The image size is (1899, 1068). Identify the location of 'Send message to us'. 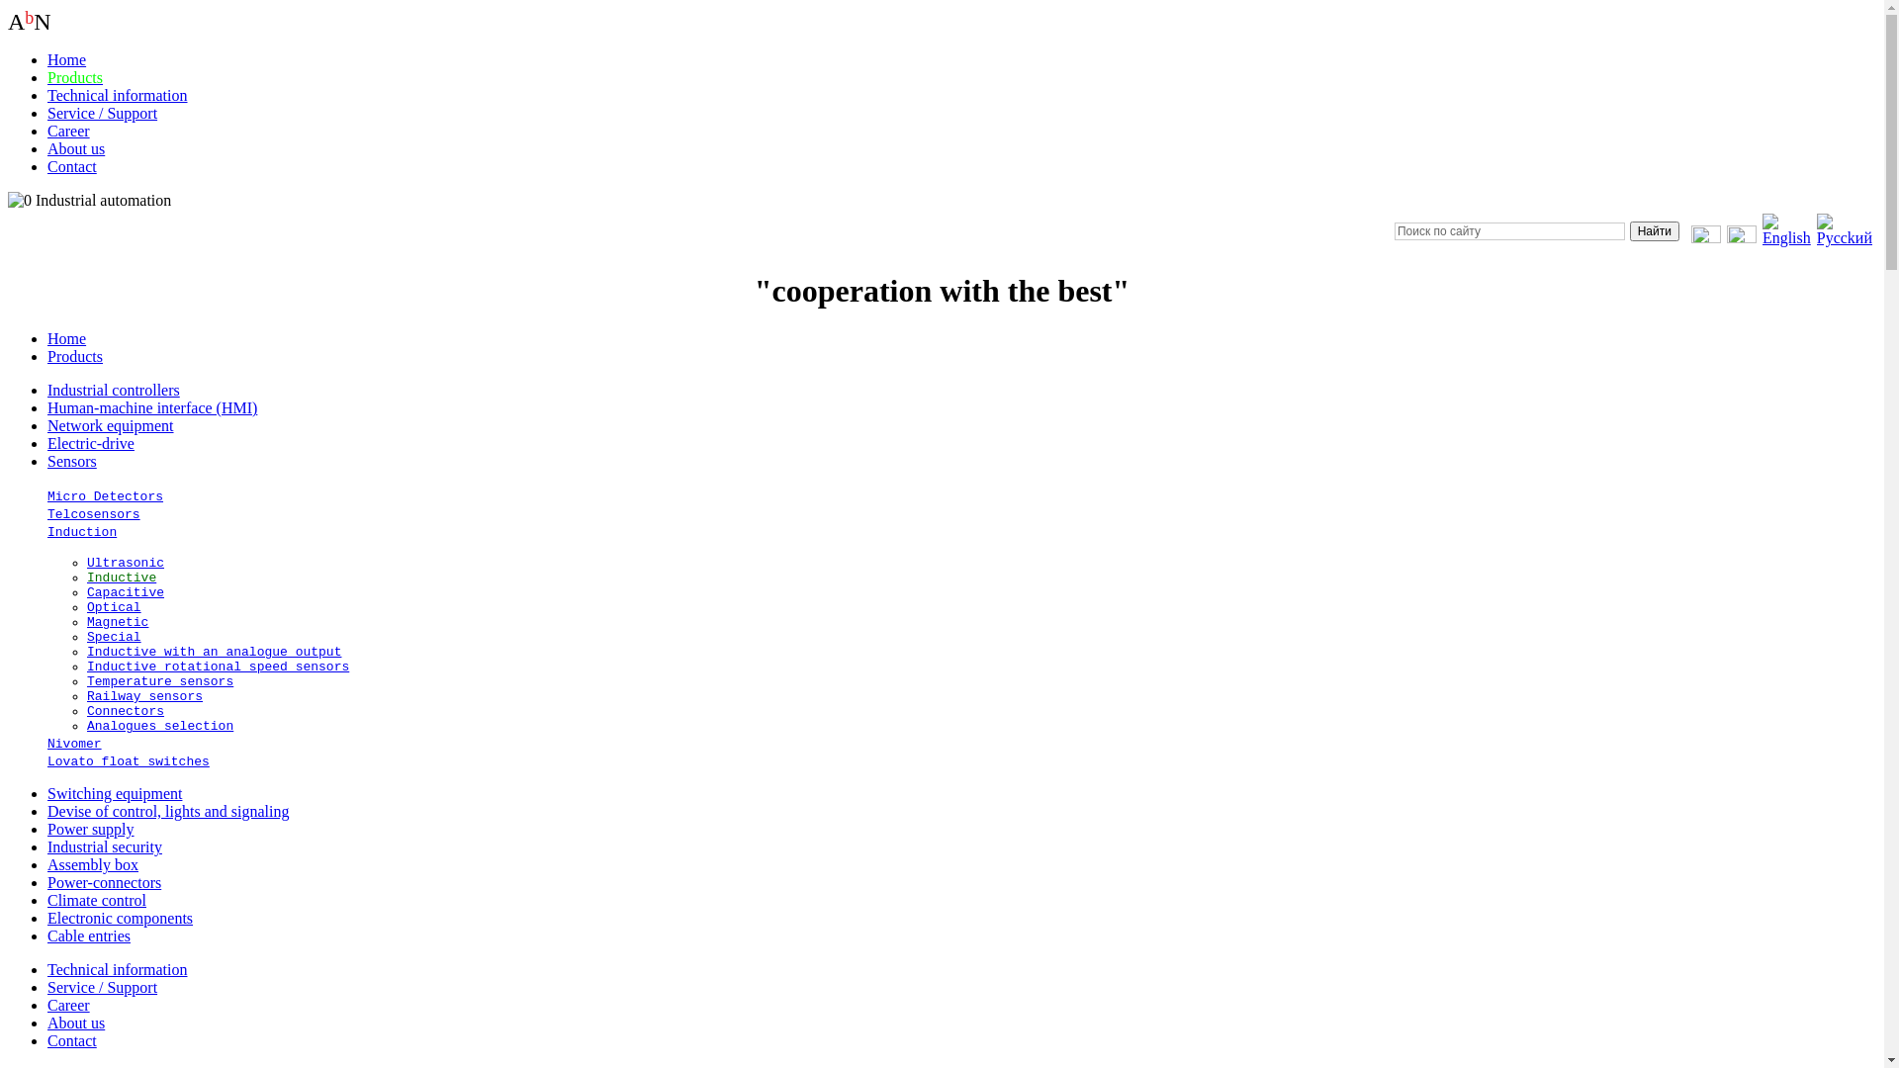
(1704, 236).